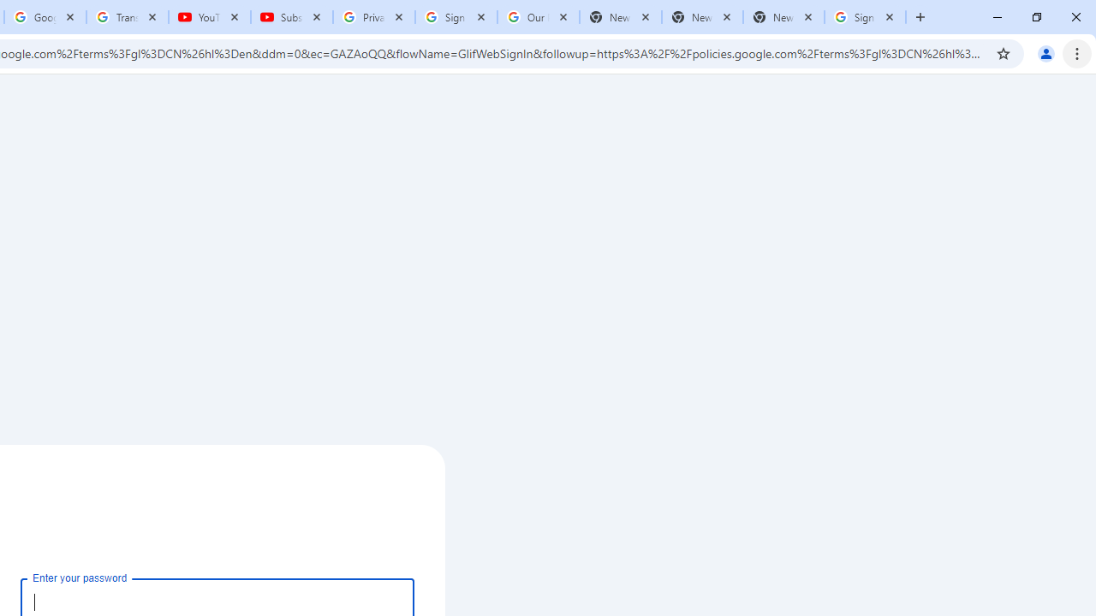  I want to click on 'Subscriptions - YouTube', so click(292, 17).